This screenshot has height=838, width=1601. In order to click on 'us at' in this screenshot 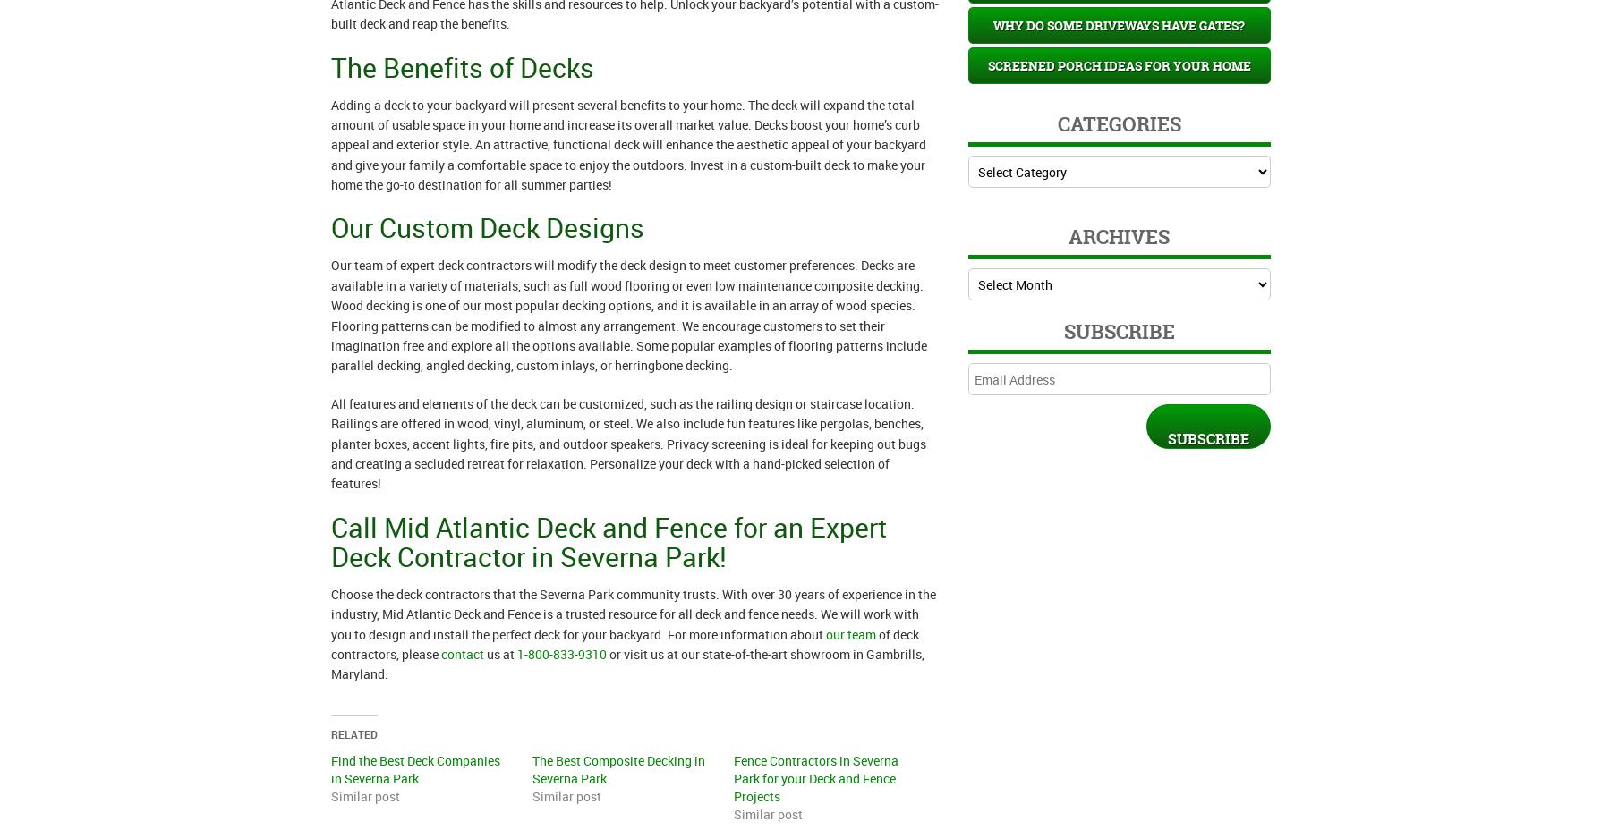, I will do `click(498, 652)`.